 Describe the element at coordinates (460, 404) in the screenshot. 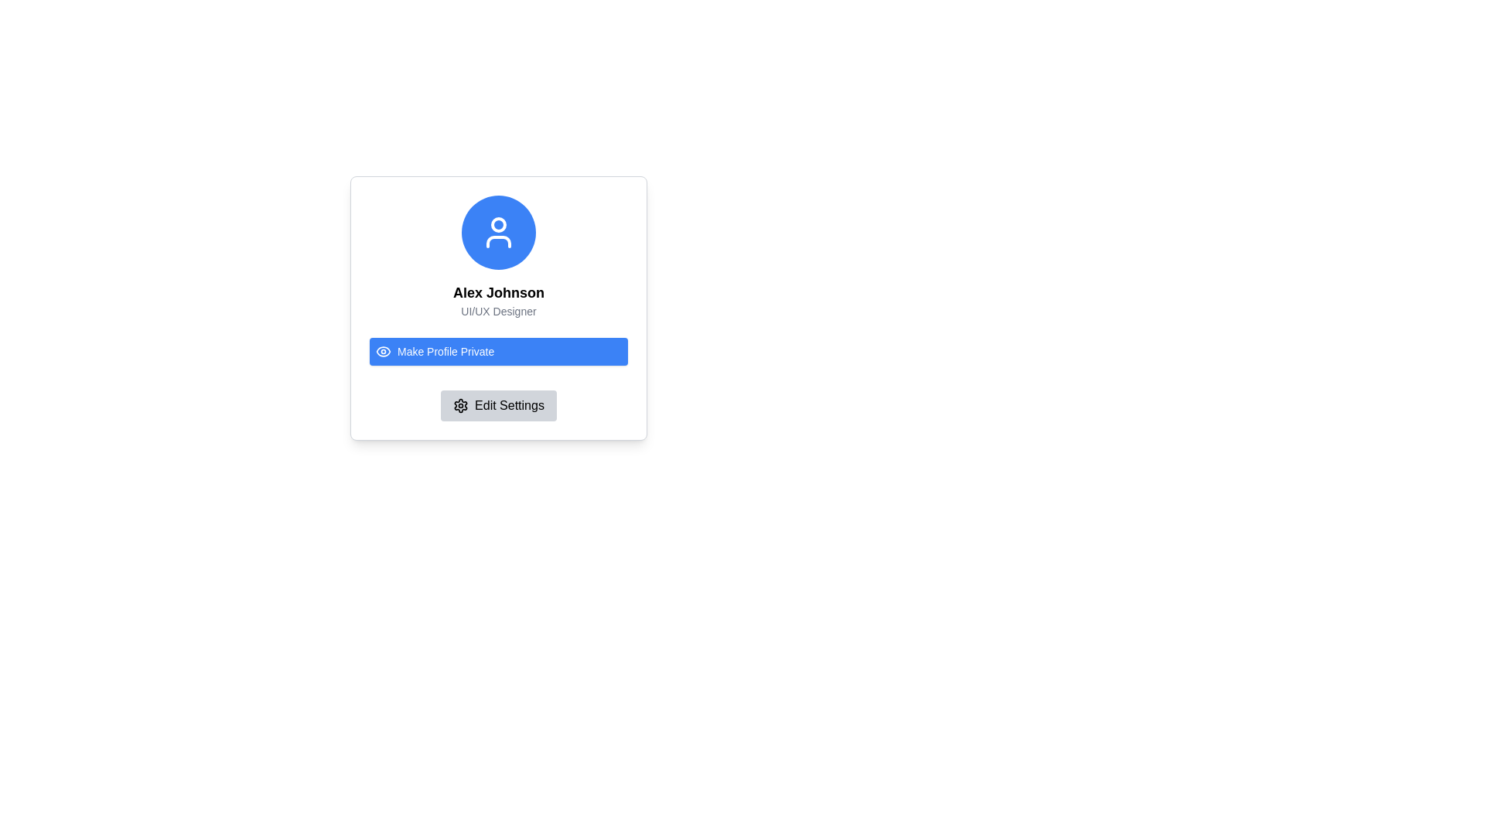

I see `the gear icon that symbolizes settings, located to the left of the 'Edit Settings' button in the lower section of the profile card` at that location.